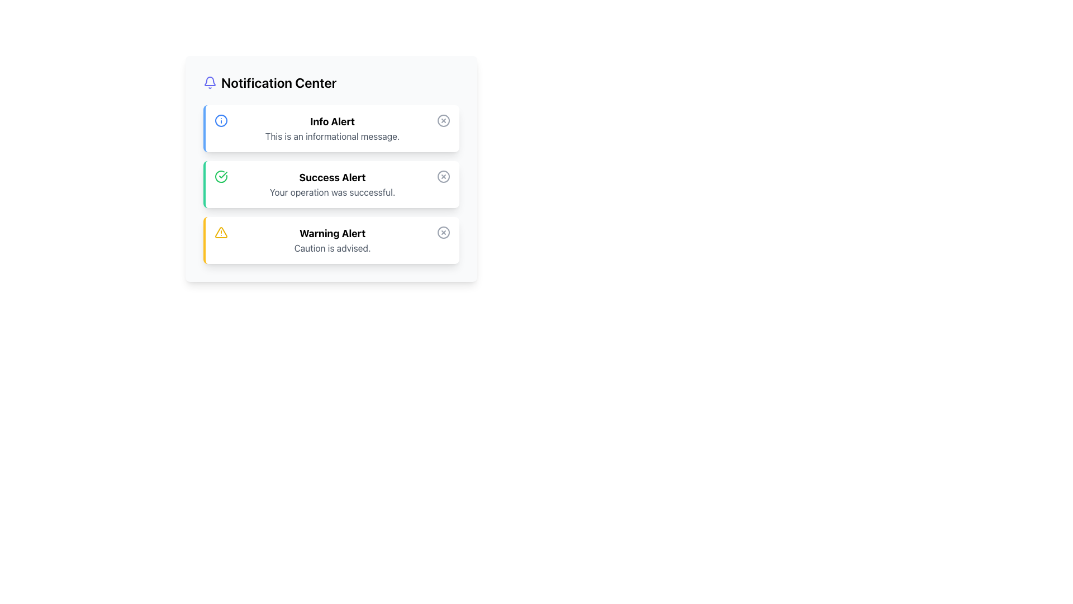 This screenshot has width=1073, height=604. I want to click on the warning icon located to the left of the 'Warning Alert' notification row, which visually represents the alert's warning nature, so click(221, 232).